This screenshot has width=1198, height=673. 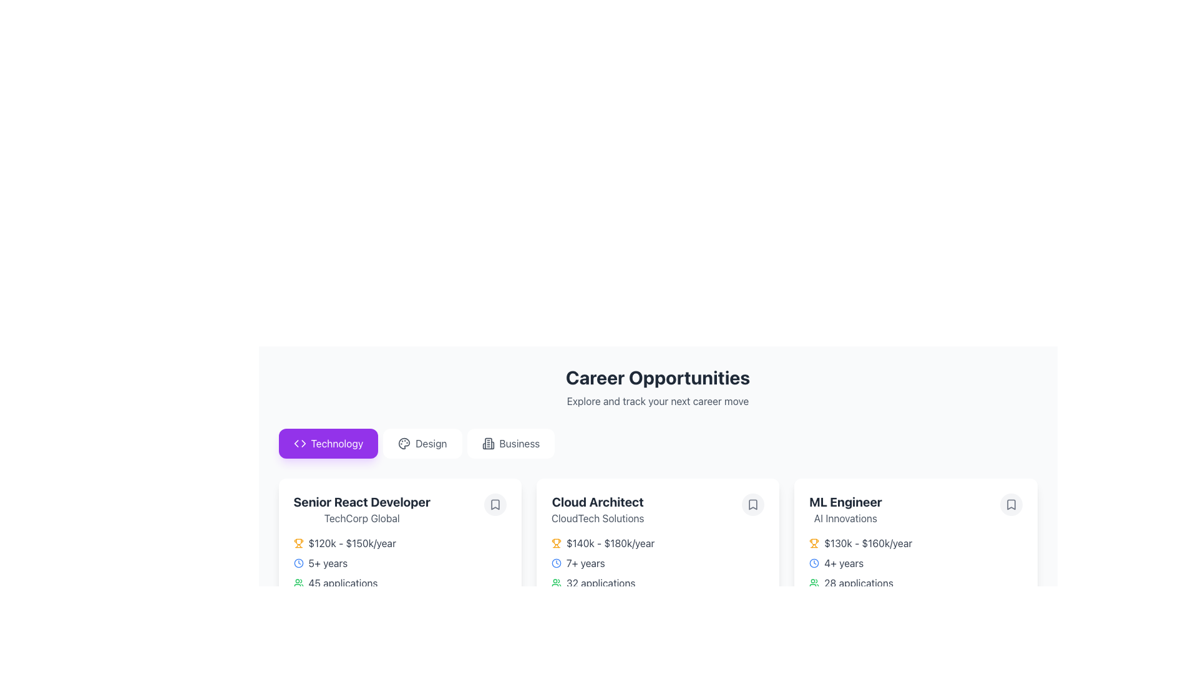 I want to click on the static text element identifying the job role 'ML Engineer' under the organization 'AI Innovations', located at the top of the rightmost job description card, so click(x=845, y=509).